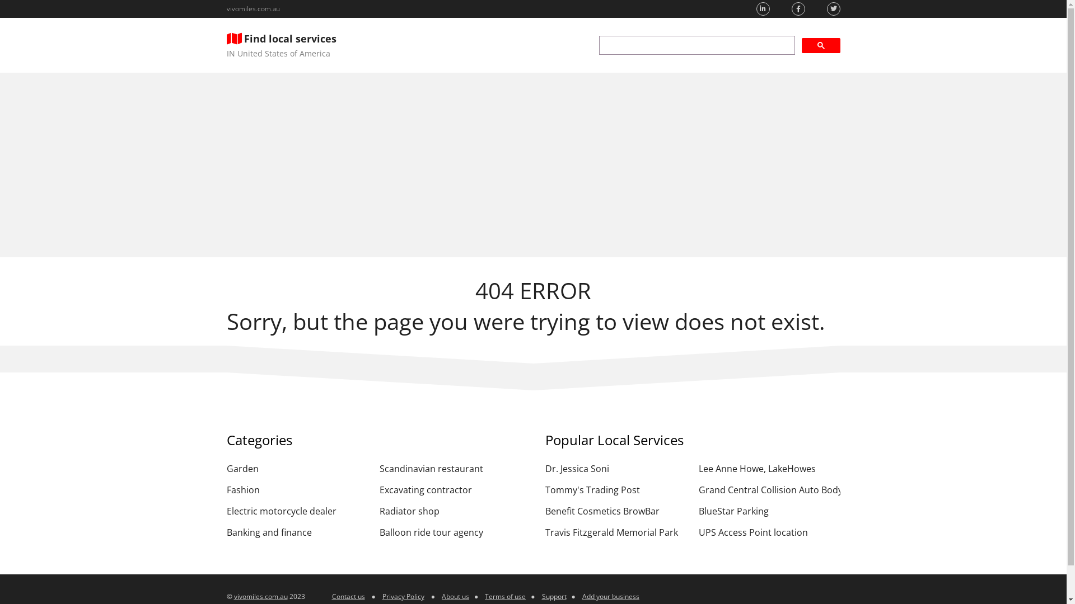  What do you see at coordinates (297, 511) in the screenshot?
I see `'Electric motorcycle dealer'` at bounding box center [297, 511].